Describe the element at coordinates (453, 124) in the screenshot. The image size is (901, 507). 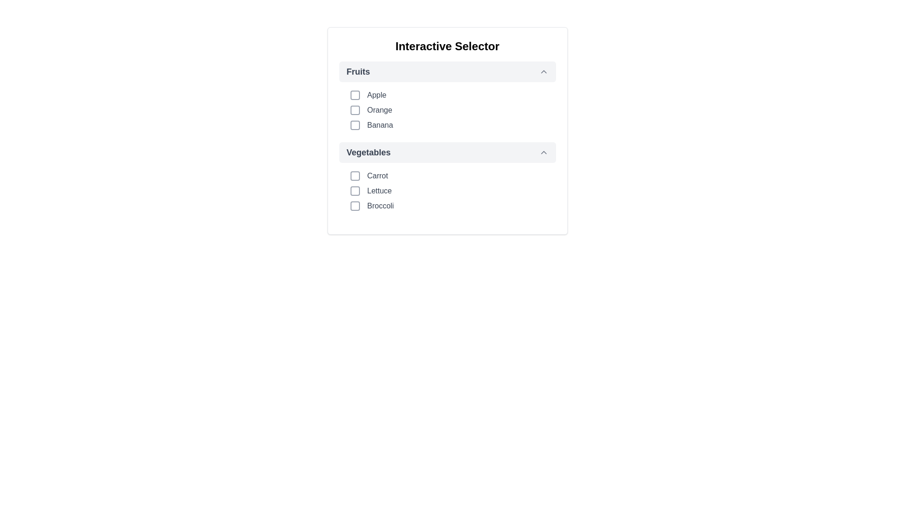
I see `the checkbox for 'Banana'` at that location.